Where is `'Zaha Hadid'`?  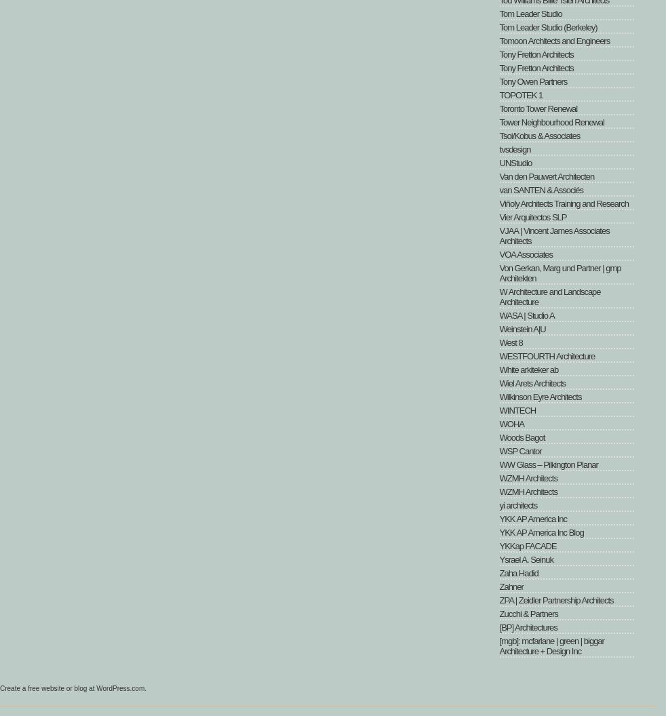
'Zaha Hadid' is located at coordinates (518, 573).